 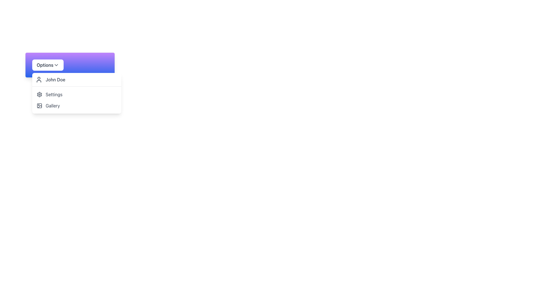 What do you see at coordinates (56, 65) in the screenshot?
I see `the downward-facing chevron icon positioned to the right of the 'Options' text to interact with the dropdown menu` at bounding box center [56, 65].